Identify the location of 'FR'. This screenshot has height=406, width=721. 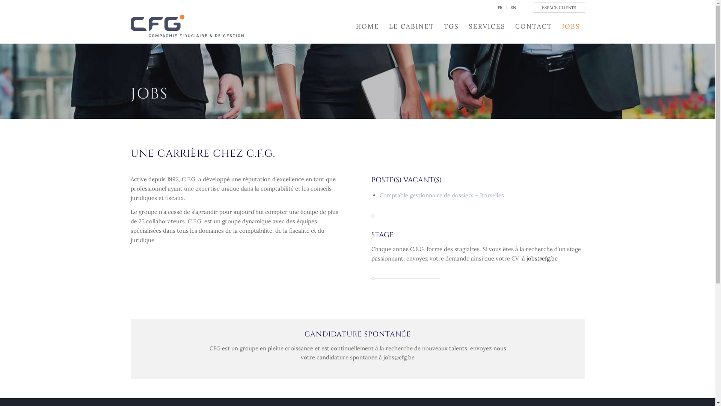
(499, 7).